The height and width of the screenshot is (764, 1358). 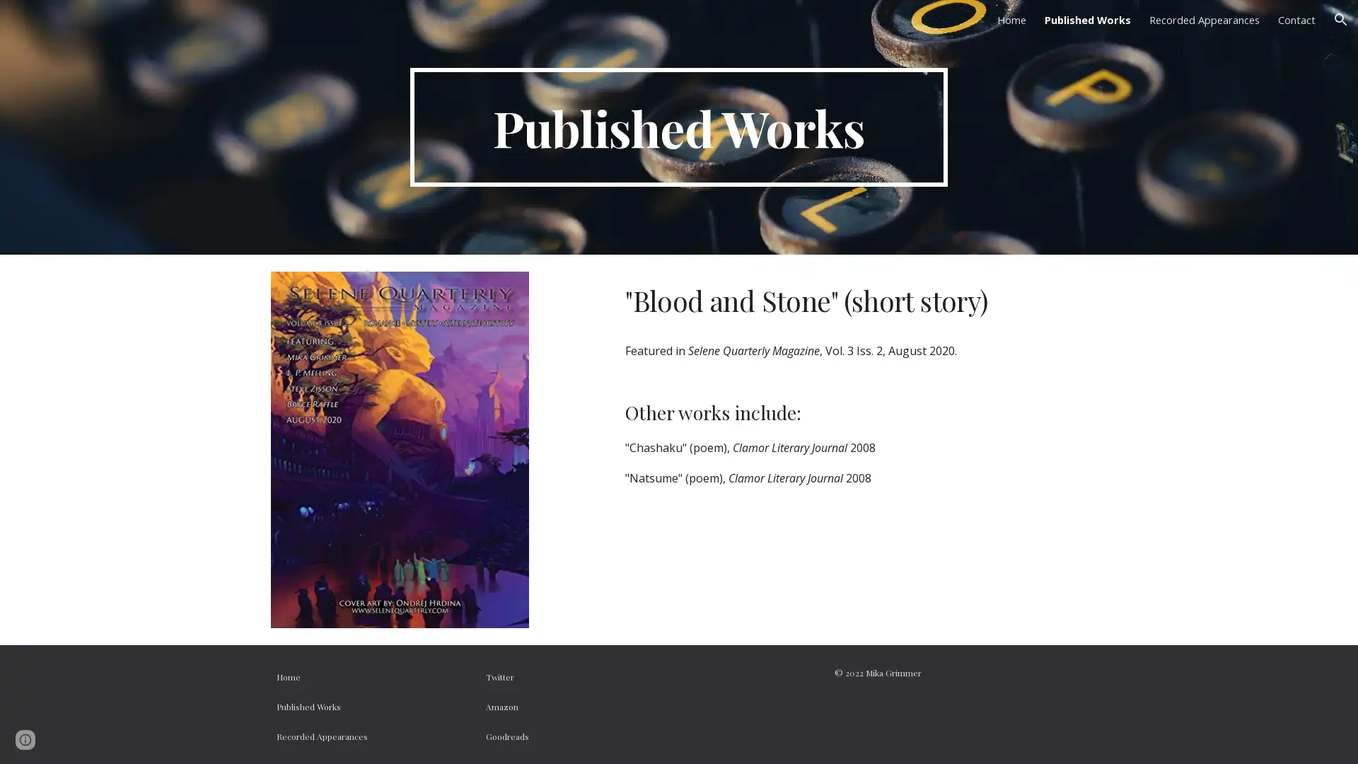 I want to click on Skip to navigation, so click(x=806, y=26).